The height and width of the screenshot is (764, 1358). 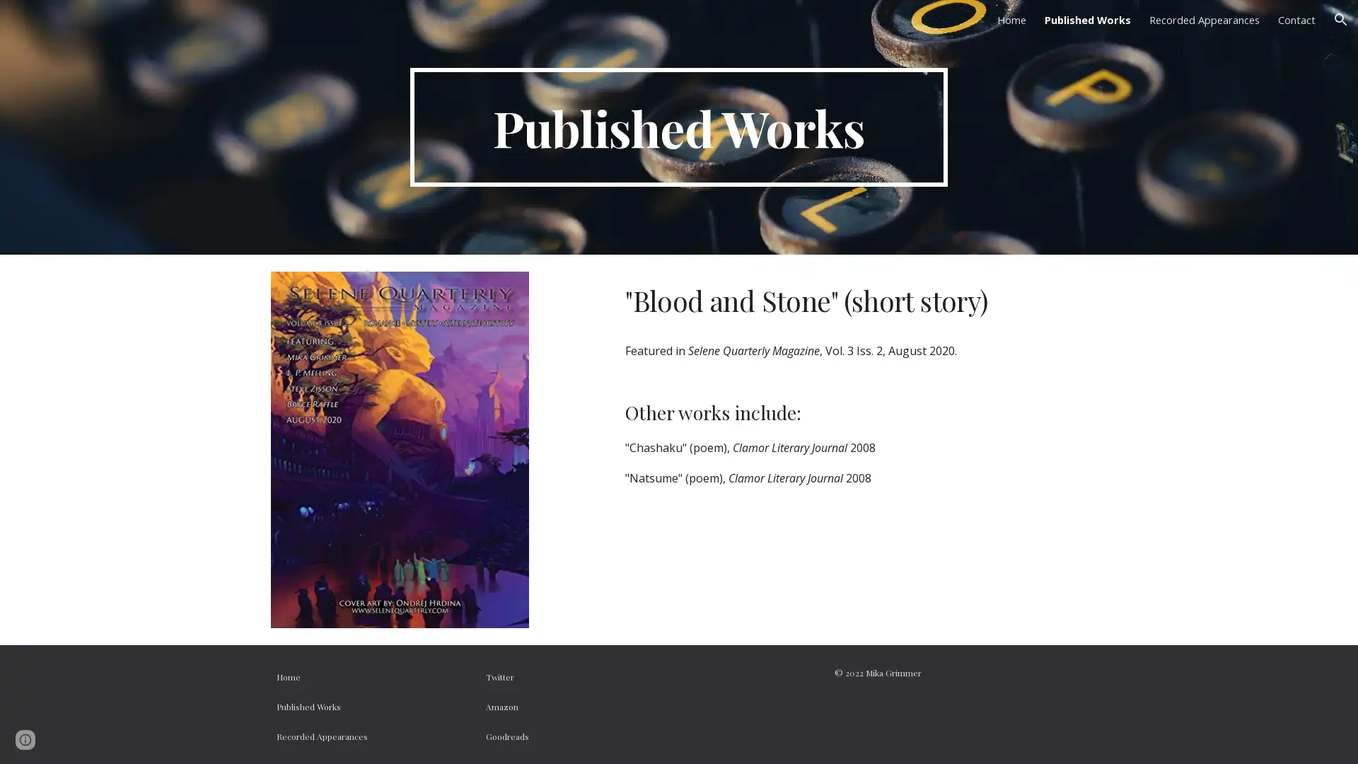 I want to click on Skip to navigation, so click(x=806, y=26).